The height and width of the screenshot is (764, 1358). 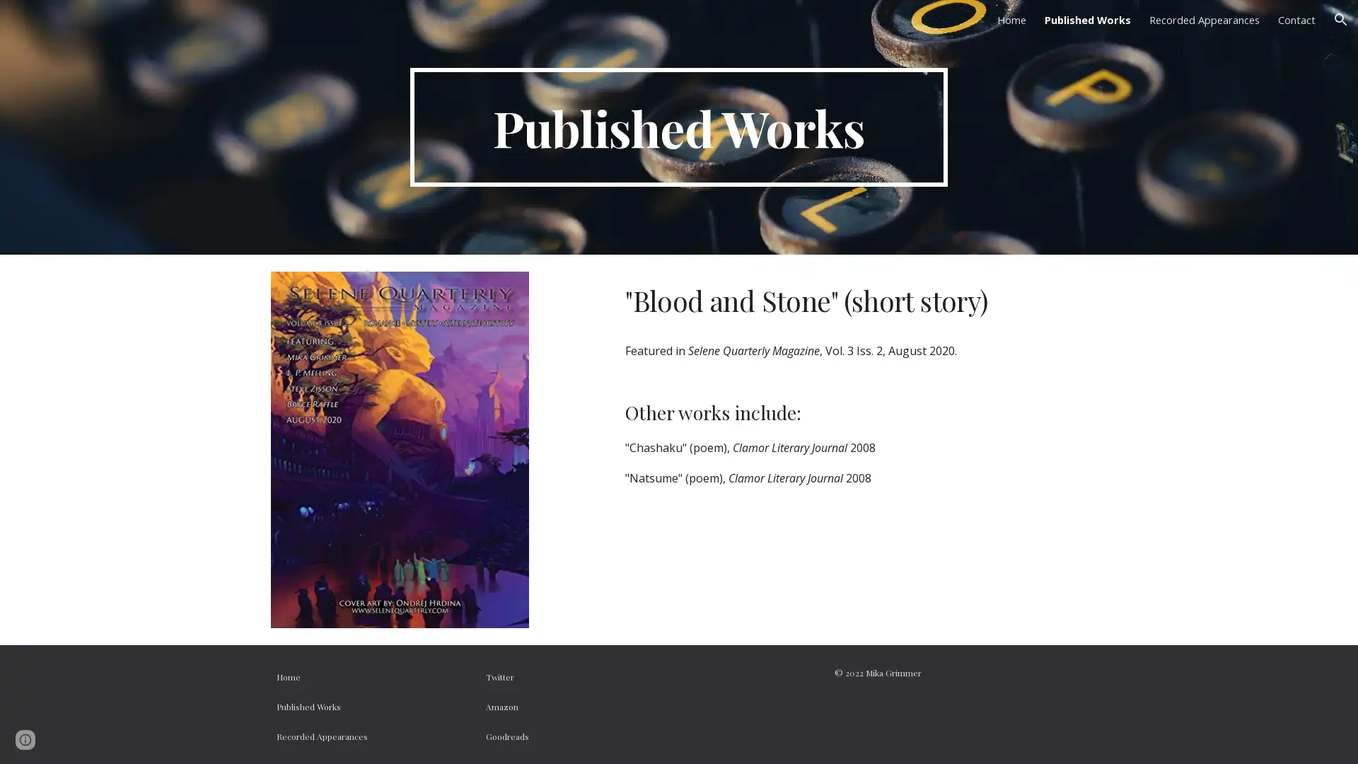 I want to click on Skip to navigation, so click(x=806, y=26).